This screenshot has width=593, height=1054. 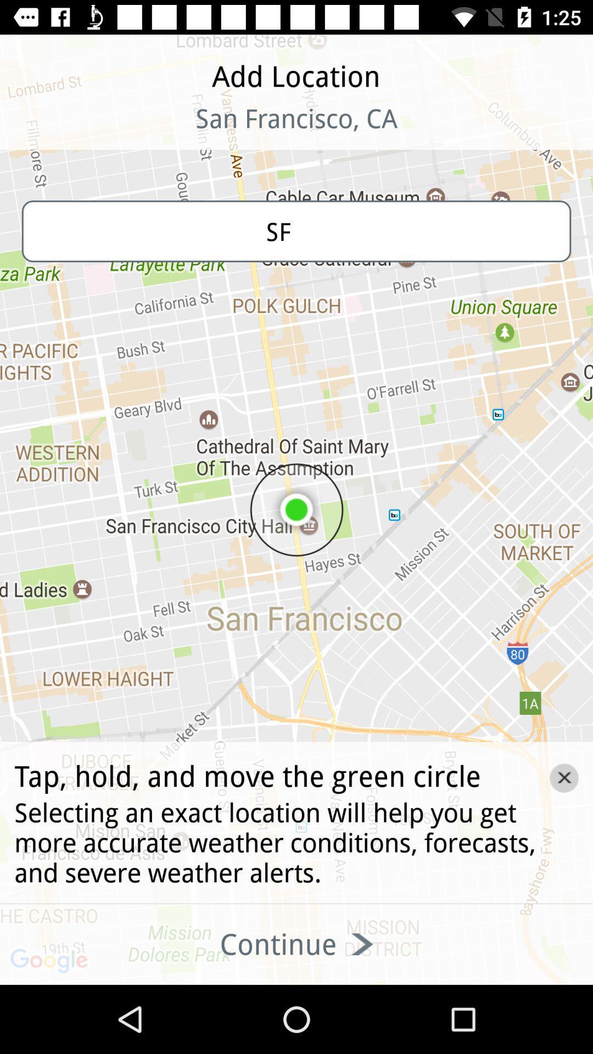 I want to click on the sf, so click(x=296, y=231).